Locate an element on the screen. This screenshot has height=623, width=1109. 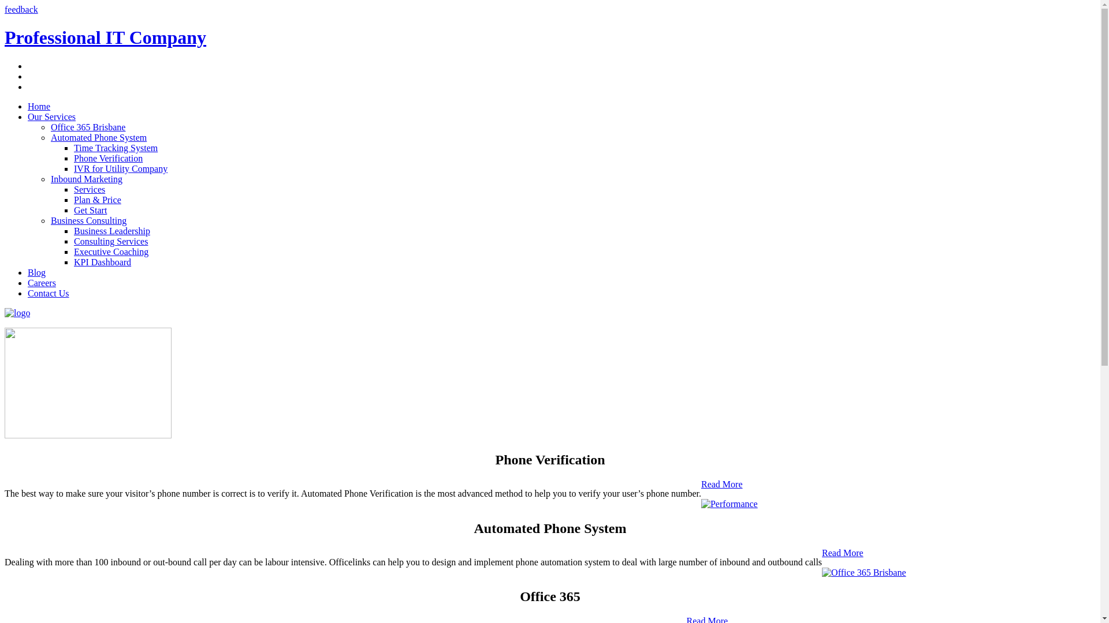
'Professional IT Company' is located at coordinates (17, 313).